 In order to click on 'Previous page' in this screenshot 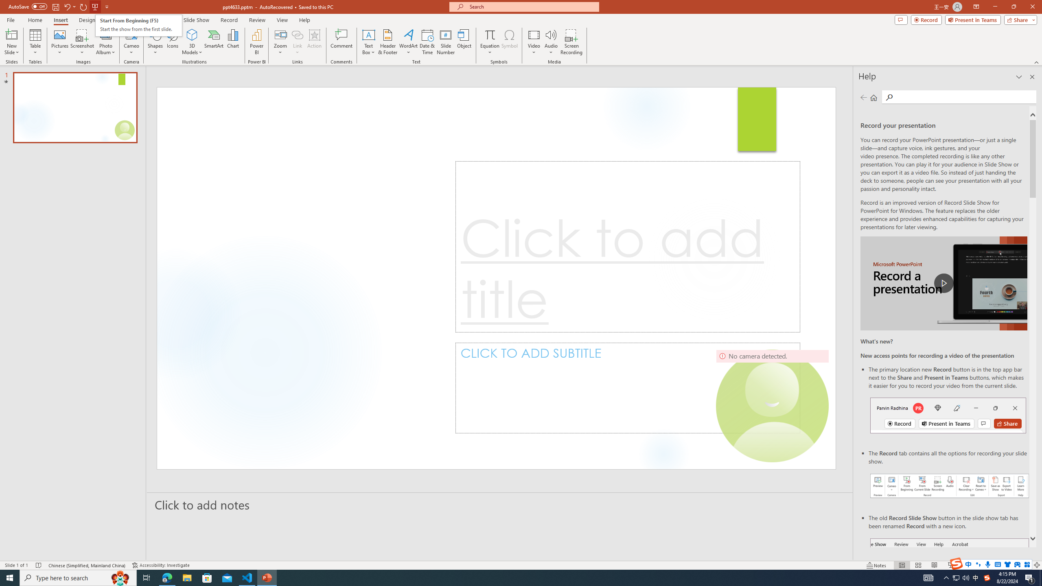, I will do `click(863, 97)`.